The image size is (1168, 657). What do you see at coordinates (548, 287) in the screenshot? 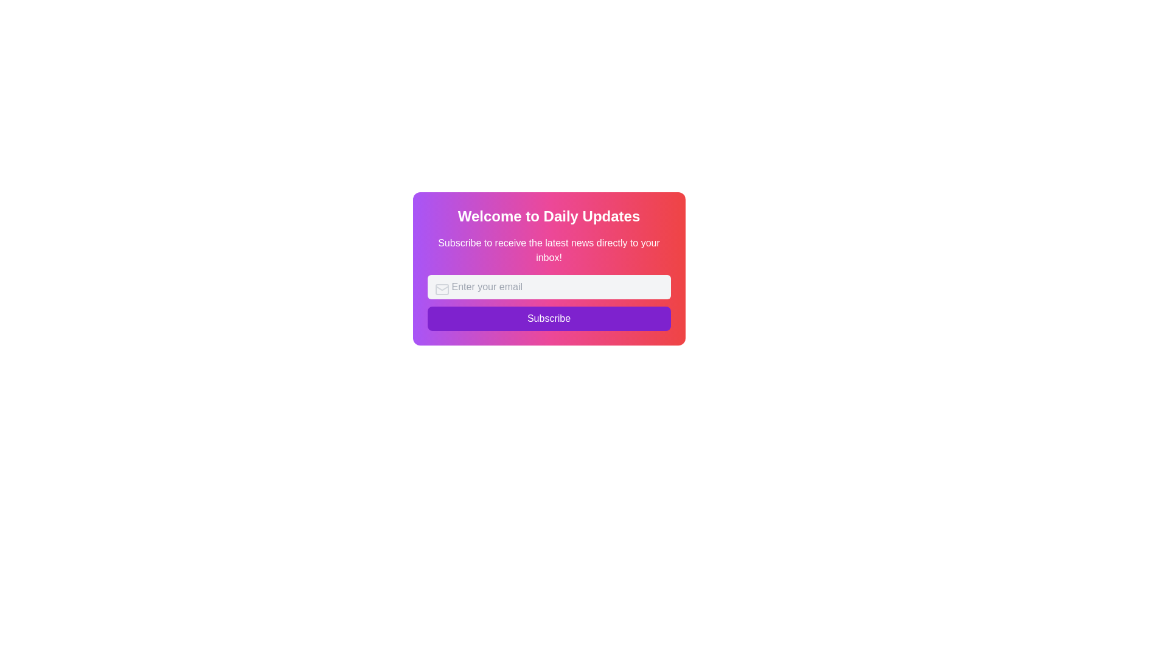
I see `the email input field labeled with the placeholder 'Enter your email'` at bounding box center [548, 287].